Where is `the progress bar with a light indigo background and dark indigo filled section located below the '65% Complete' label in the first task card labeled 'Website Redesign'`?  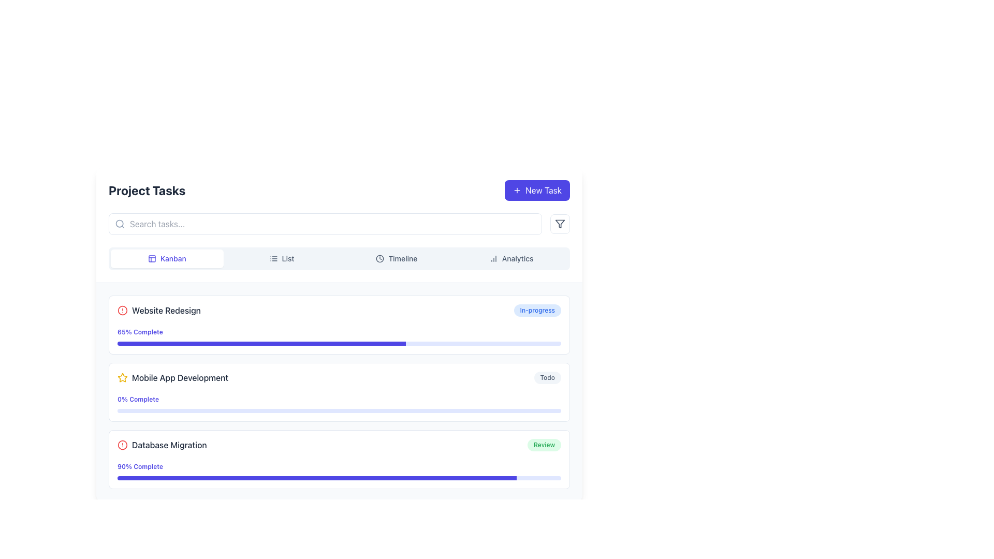
the progress bar with a light indigo background and dark indigo filled section located below the '65% Complete' label in the first task card labeled 'Website Redesign' is located at coordinates (339, 343).